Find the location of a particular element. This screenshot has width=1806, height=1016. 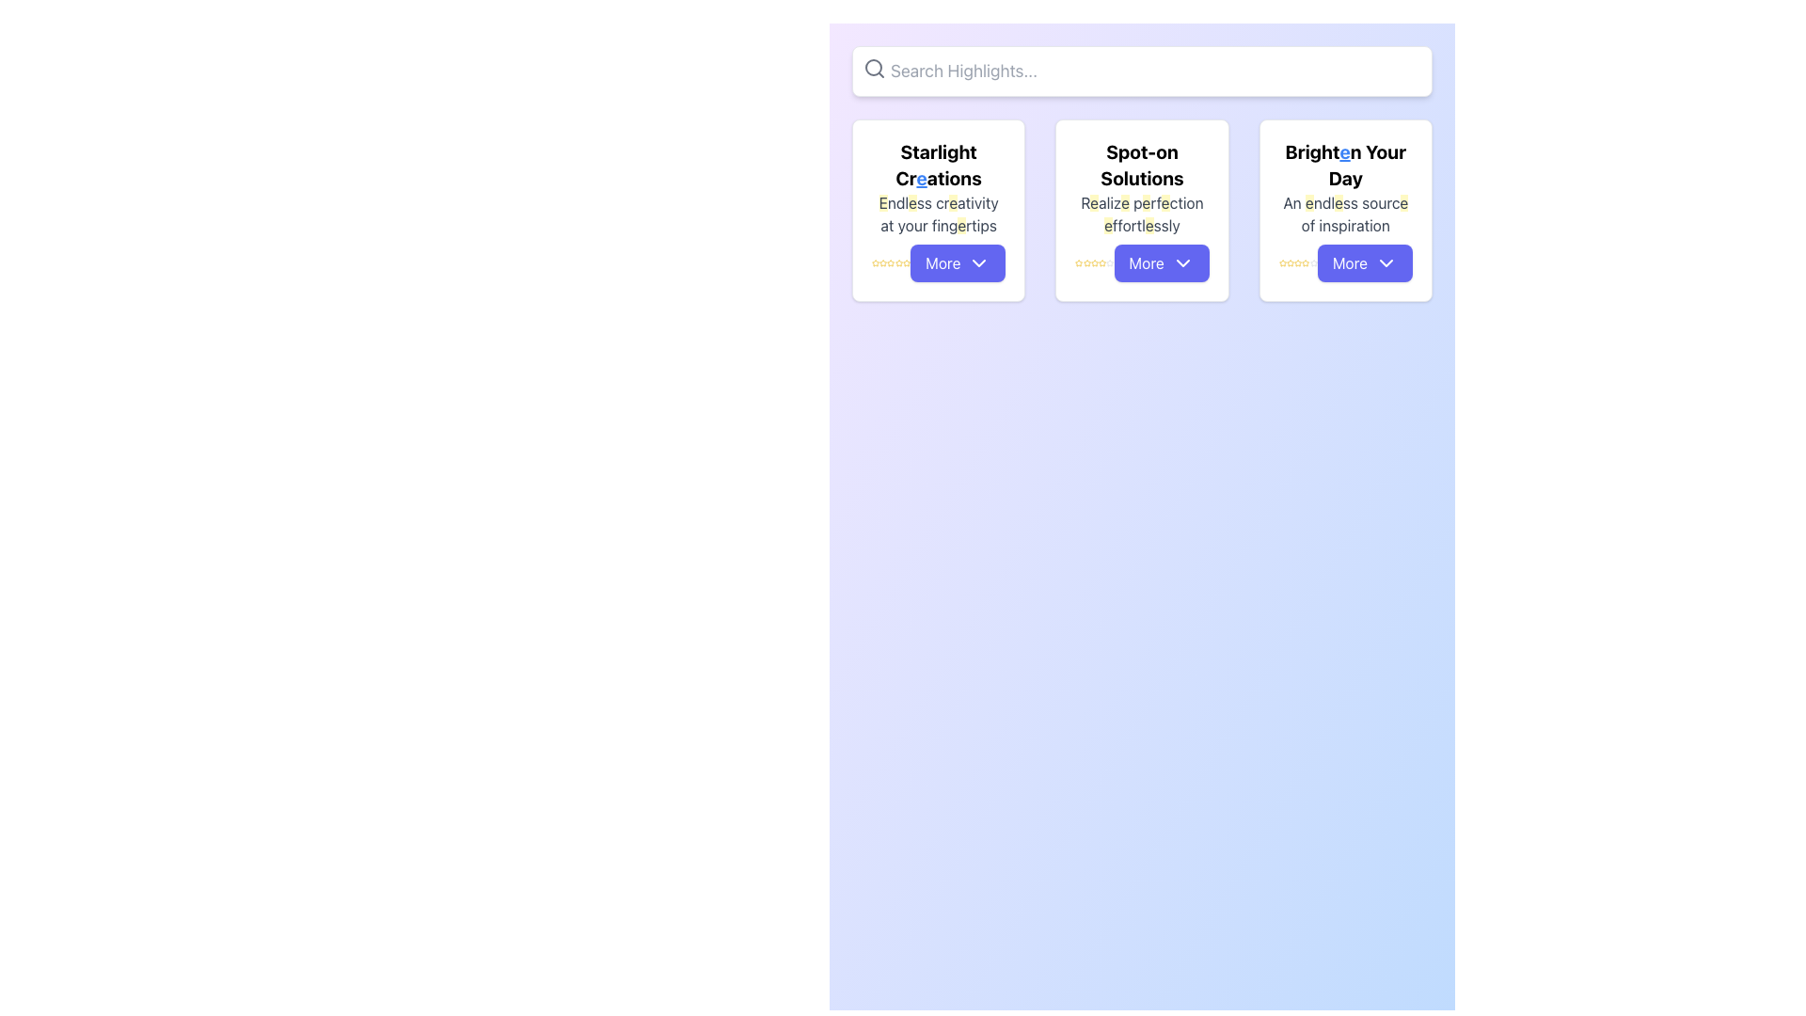

the text element that completes the title 'Starlight Creations', which is located to the right of the underlined blue 'e' within the card in the top left of the interface is located at coordinates (954, 178).